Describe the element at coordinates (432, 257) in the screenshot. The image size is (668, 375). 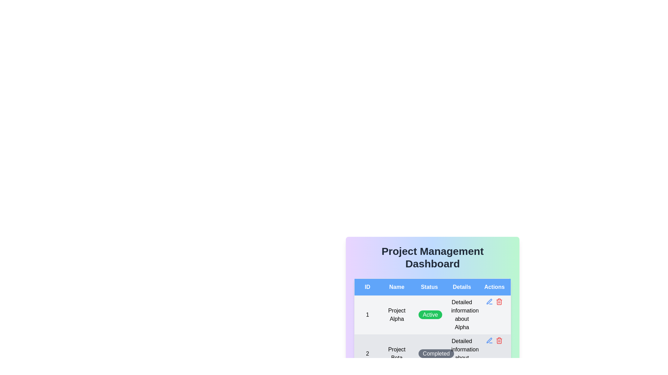
I see `text from the Heading or Title Text Block, which serves as a title for the dashboard section, indicating the content and purpose of the displayed project information` at that location.